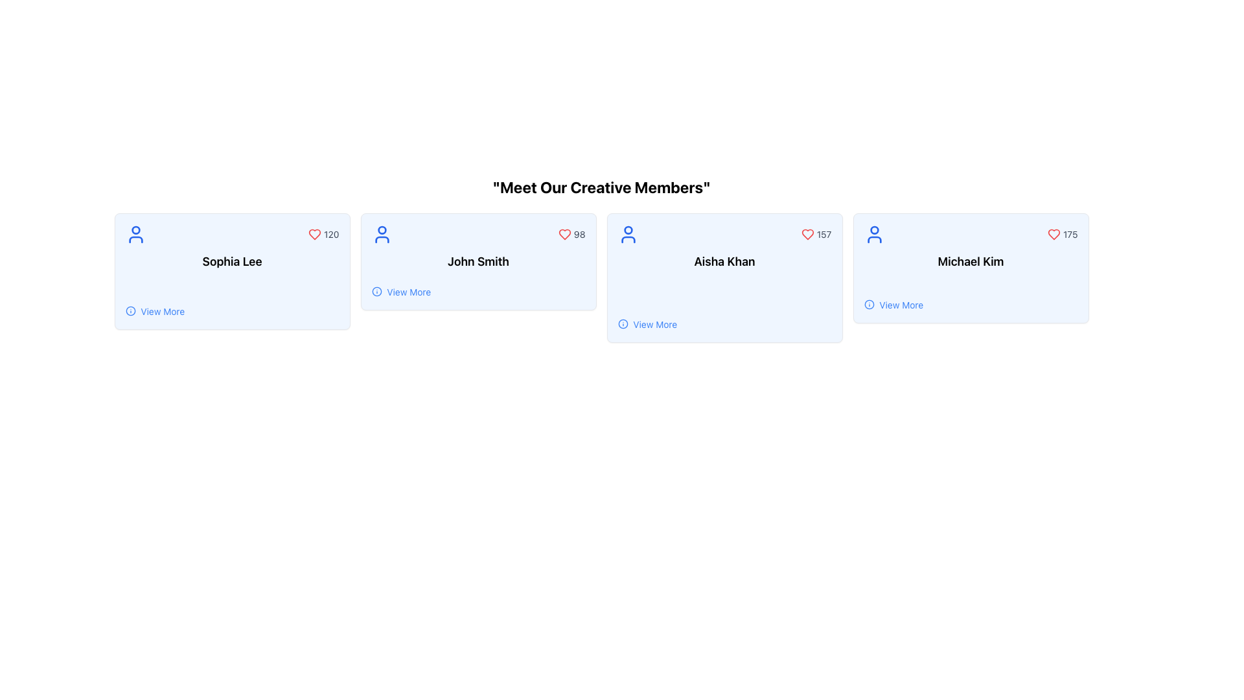 Image resolution: width=1244 pixels, height=700 pixels. What do you see at coordinates (807, 235) in the screenshot?
I see `the heart-shaped interactive icon in the profile card of 'Aisha Khan'` at bounding box center [807, 235].